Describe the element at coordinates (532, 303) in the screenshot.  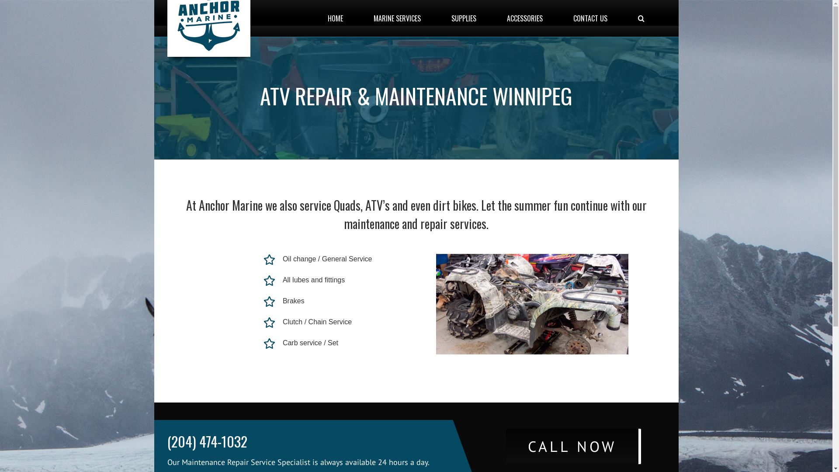
I see `'atv repair mechanic winnipeg'` at that location.